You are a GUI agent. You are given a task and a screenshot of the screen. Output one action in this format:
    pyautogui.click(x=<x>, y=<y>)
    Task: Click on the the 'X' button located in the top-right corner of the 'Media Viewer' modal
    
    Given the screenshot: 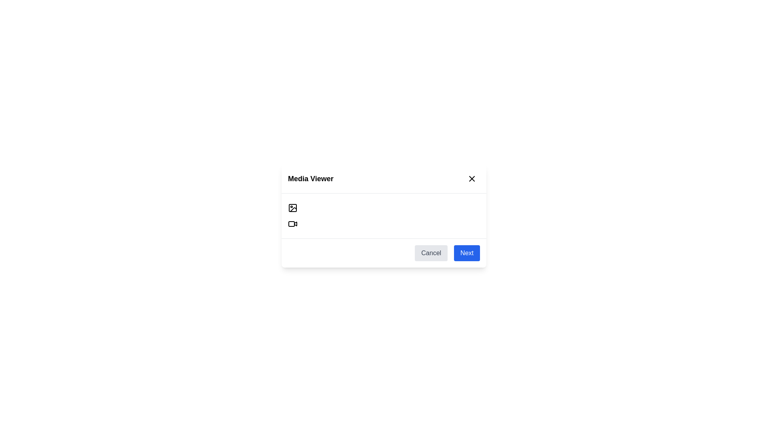 What is the action you would take?
    pyautogui.click(x=472, y=178)
    